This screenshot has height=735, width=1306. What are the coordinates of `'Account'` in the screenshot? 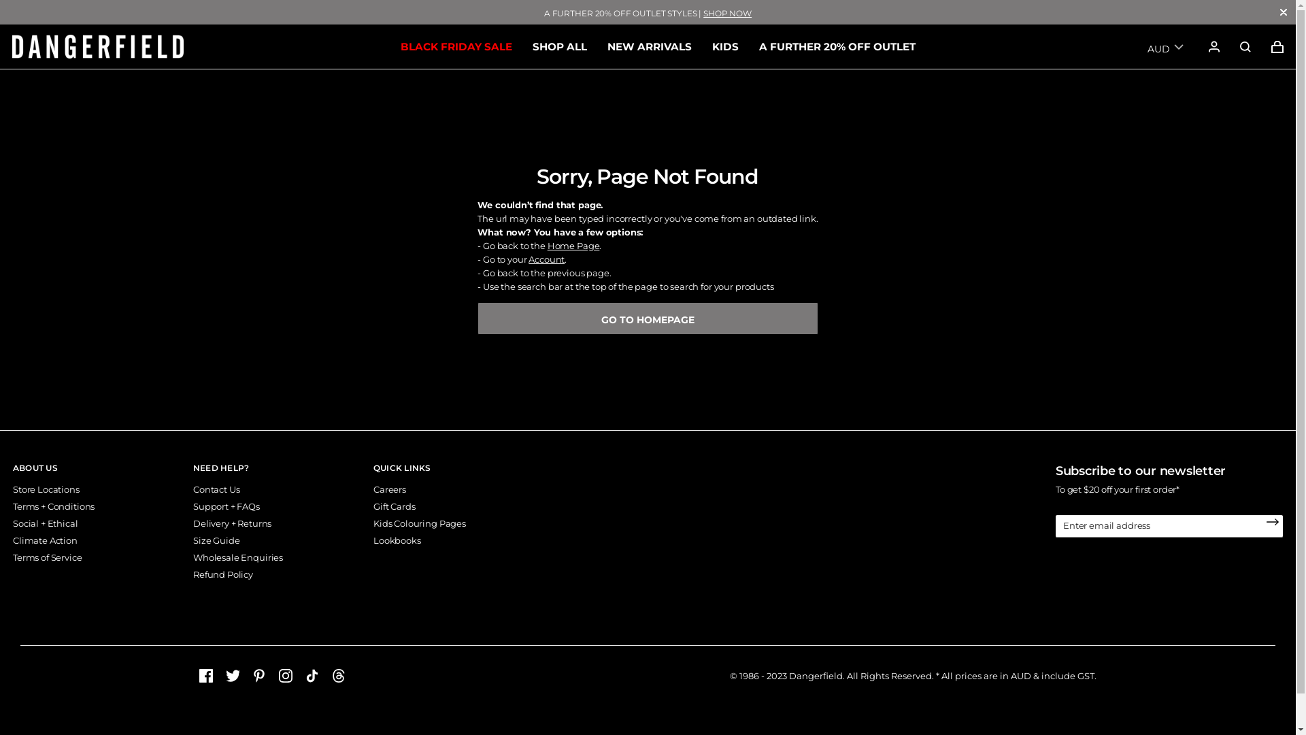 It's located at (528, 259).